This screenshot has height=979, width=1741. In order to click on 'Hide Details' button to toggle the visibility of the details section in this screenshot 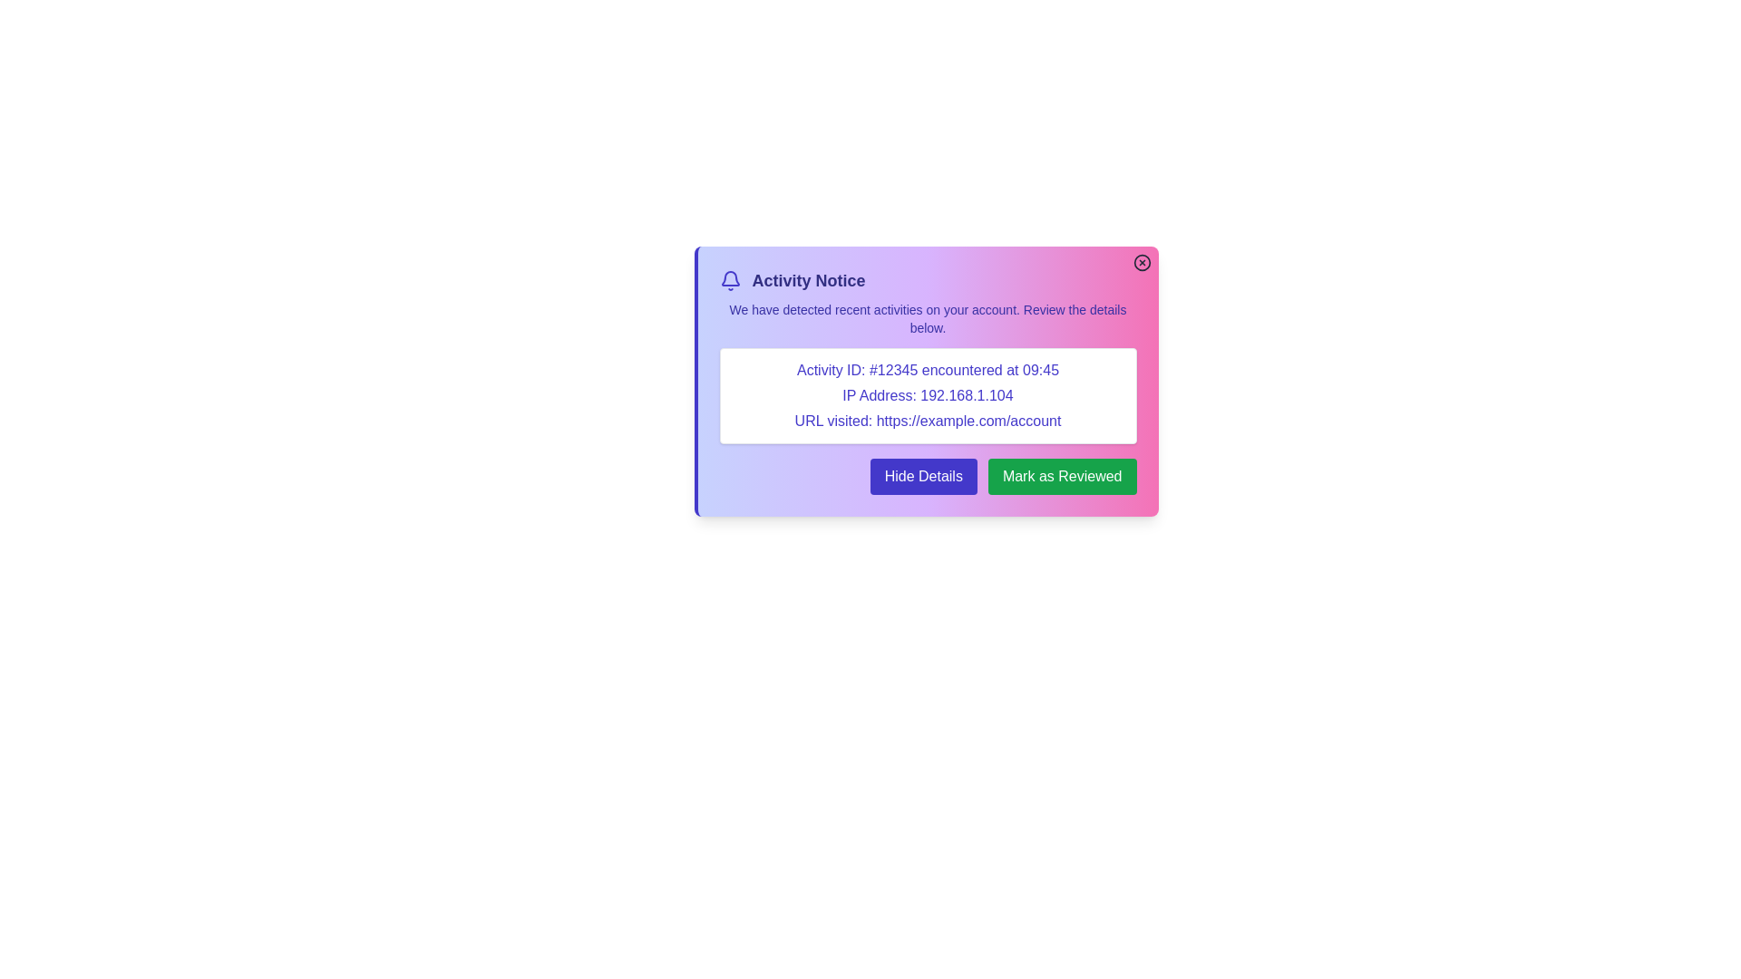, I will do `click(923, 475)`.